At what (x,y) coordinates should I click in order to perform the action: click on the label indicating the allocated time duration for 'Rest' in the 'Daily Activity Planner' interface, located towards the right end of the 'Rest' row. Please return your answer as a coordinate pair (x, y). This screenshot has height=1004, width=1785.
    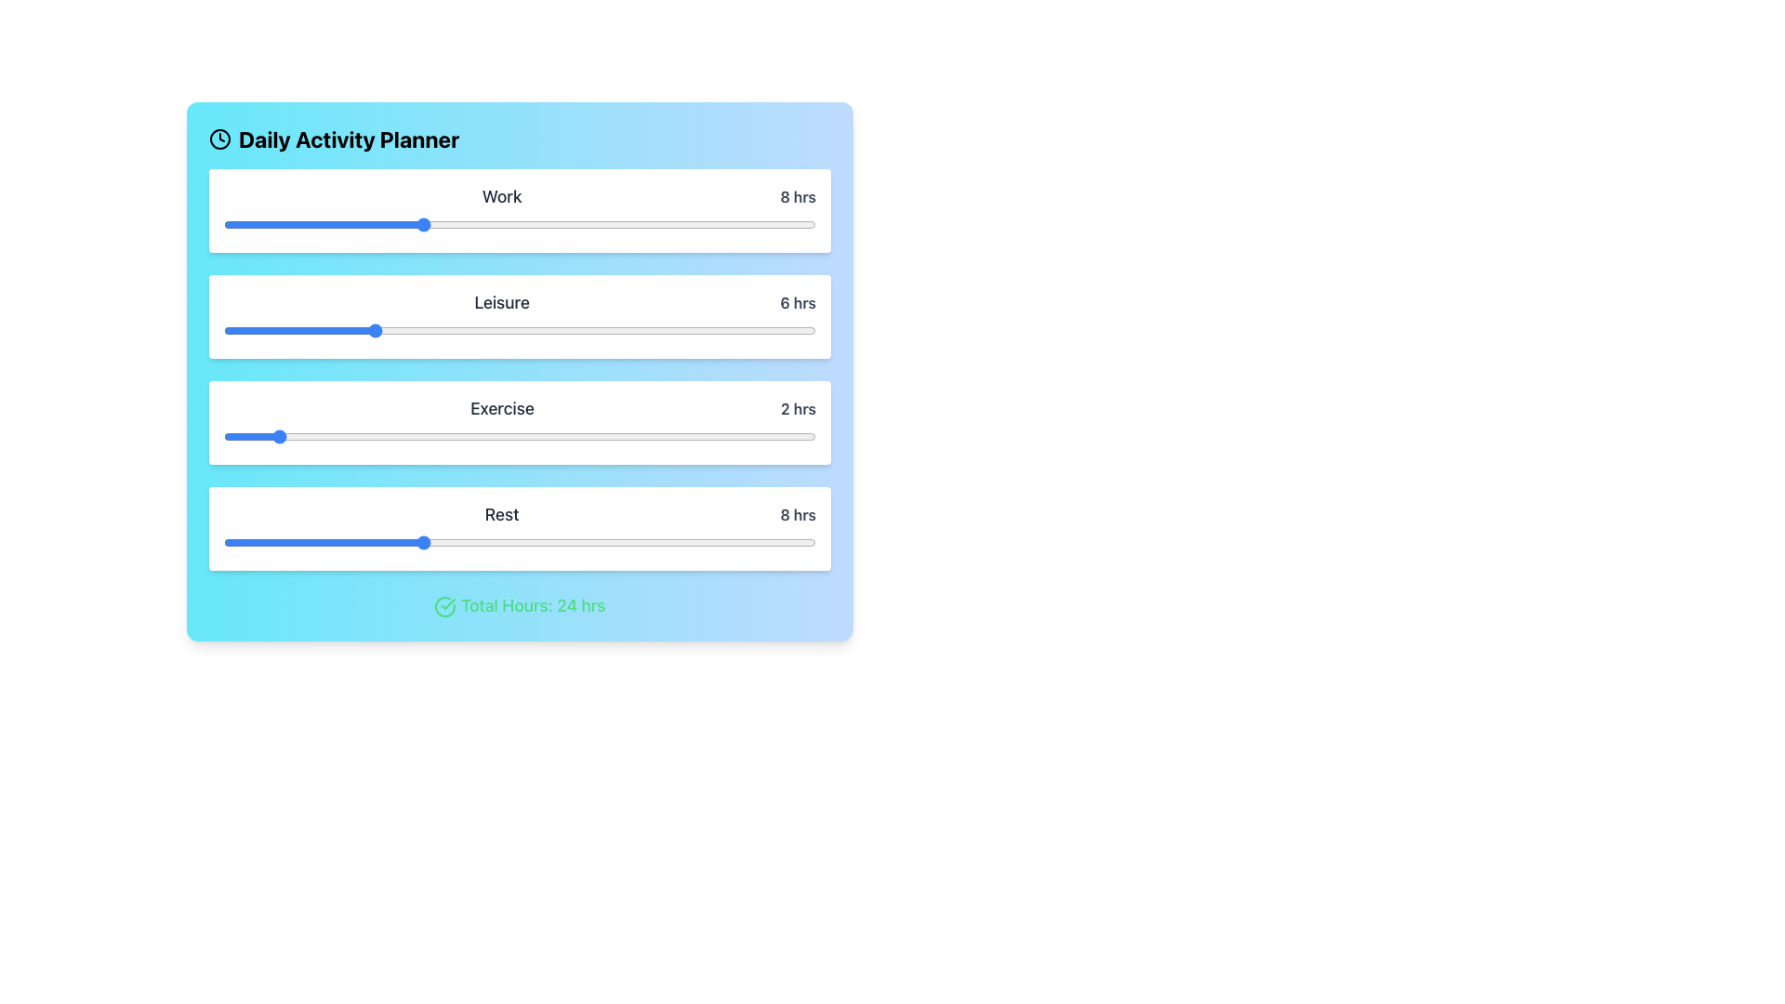
    Looking at the image, I should click on (798, 515).